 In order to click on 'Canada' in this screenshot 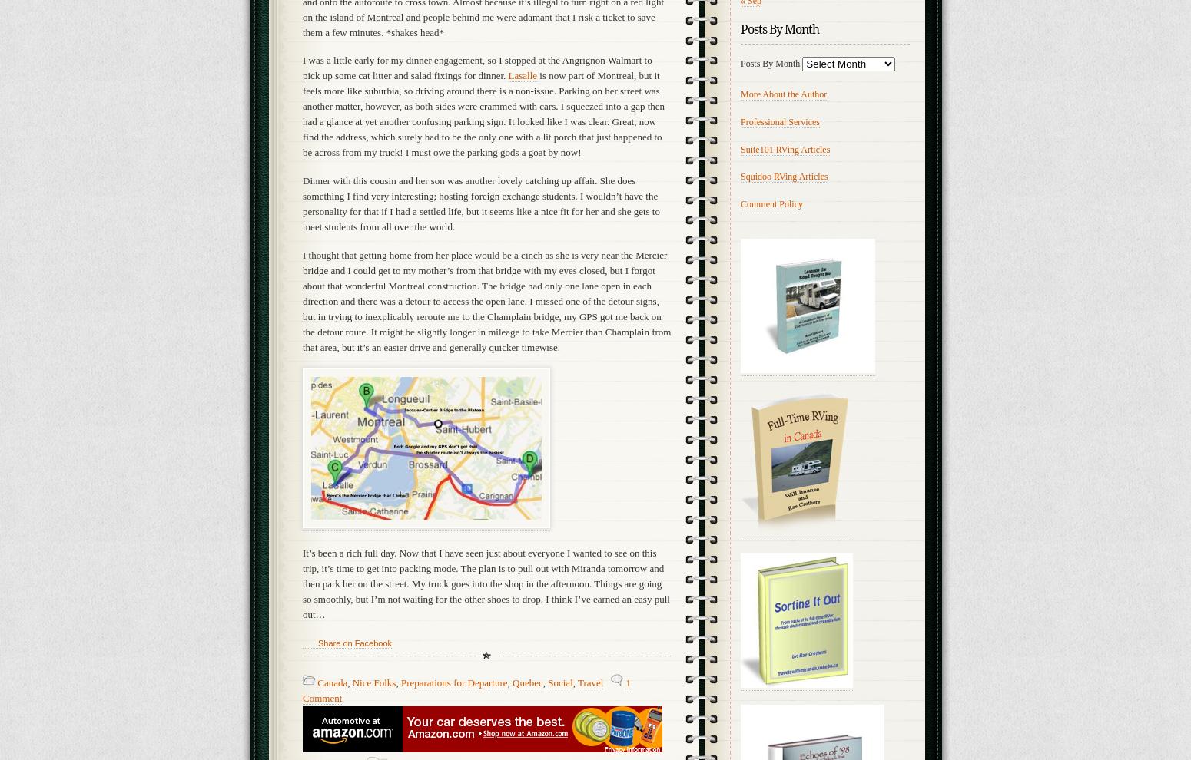, I will do `click(332, 682)`.